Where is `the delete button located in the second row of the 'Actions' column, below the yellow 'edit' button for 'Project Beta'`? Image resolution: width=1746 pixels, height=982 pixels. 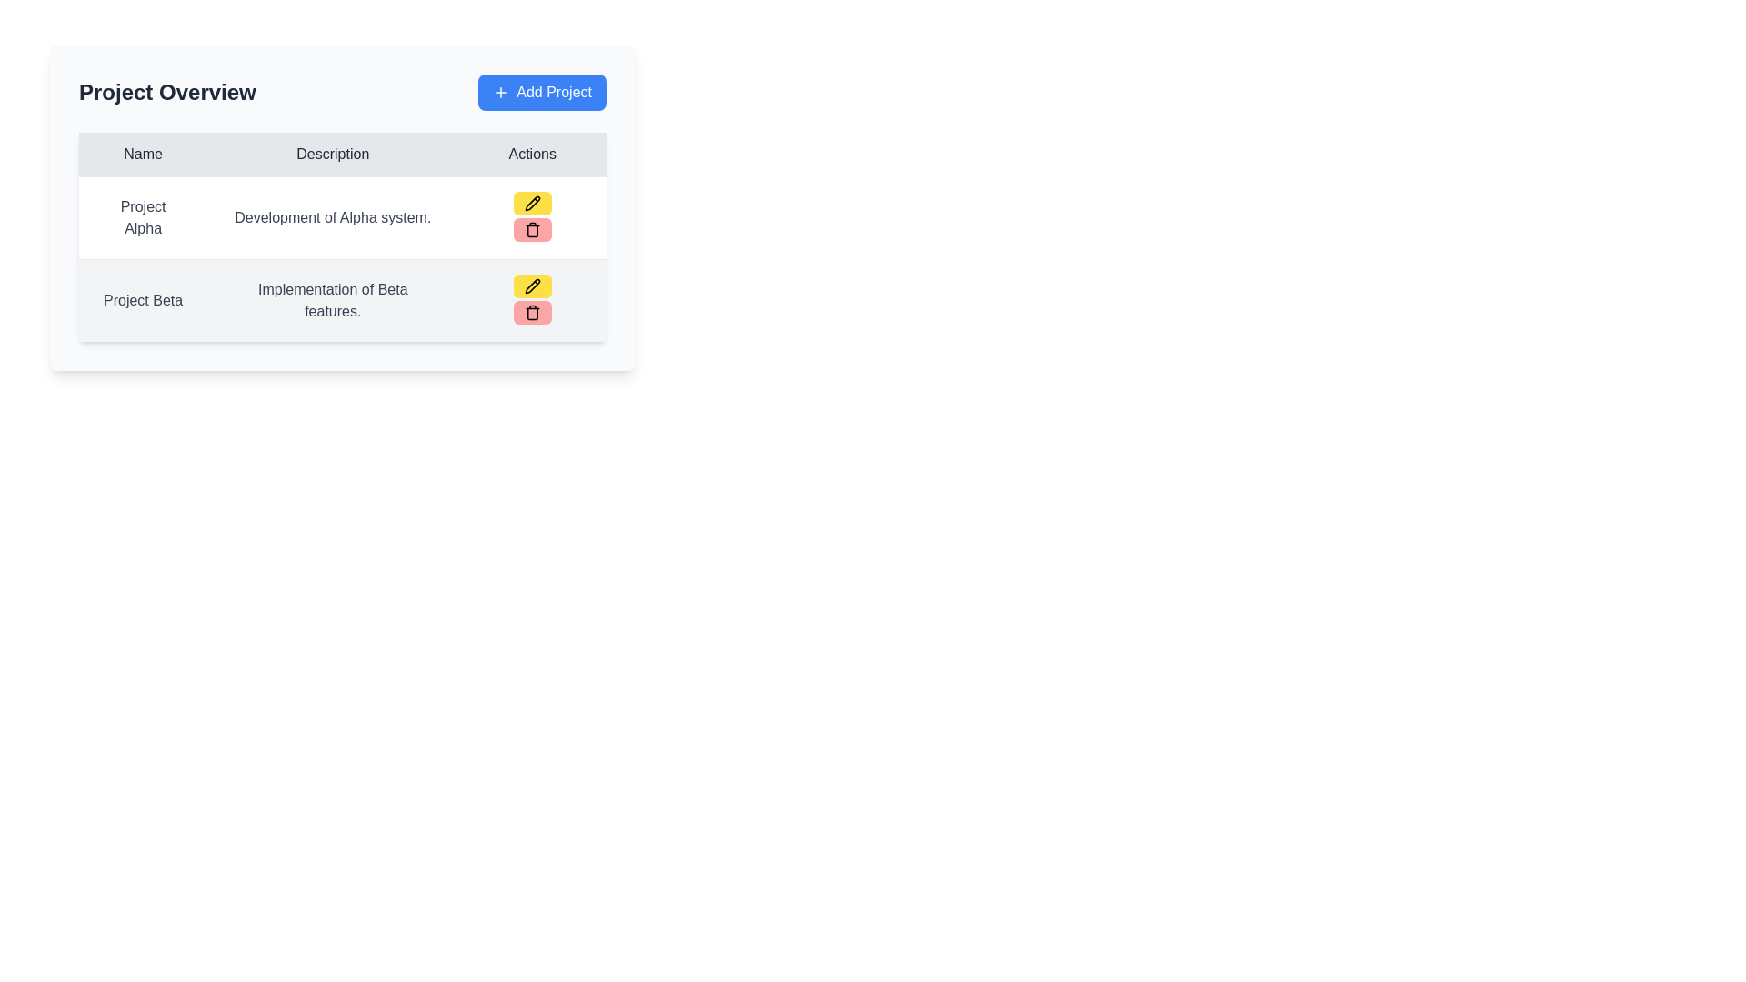 the delete button located in the second row of the 'Actions' column, below the yellow 'edit' button for 'Project Beta' is located at coordinates (531, 299).